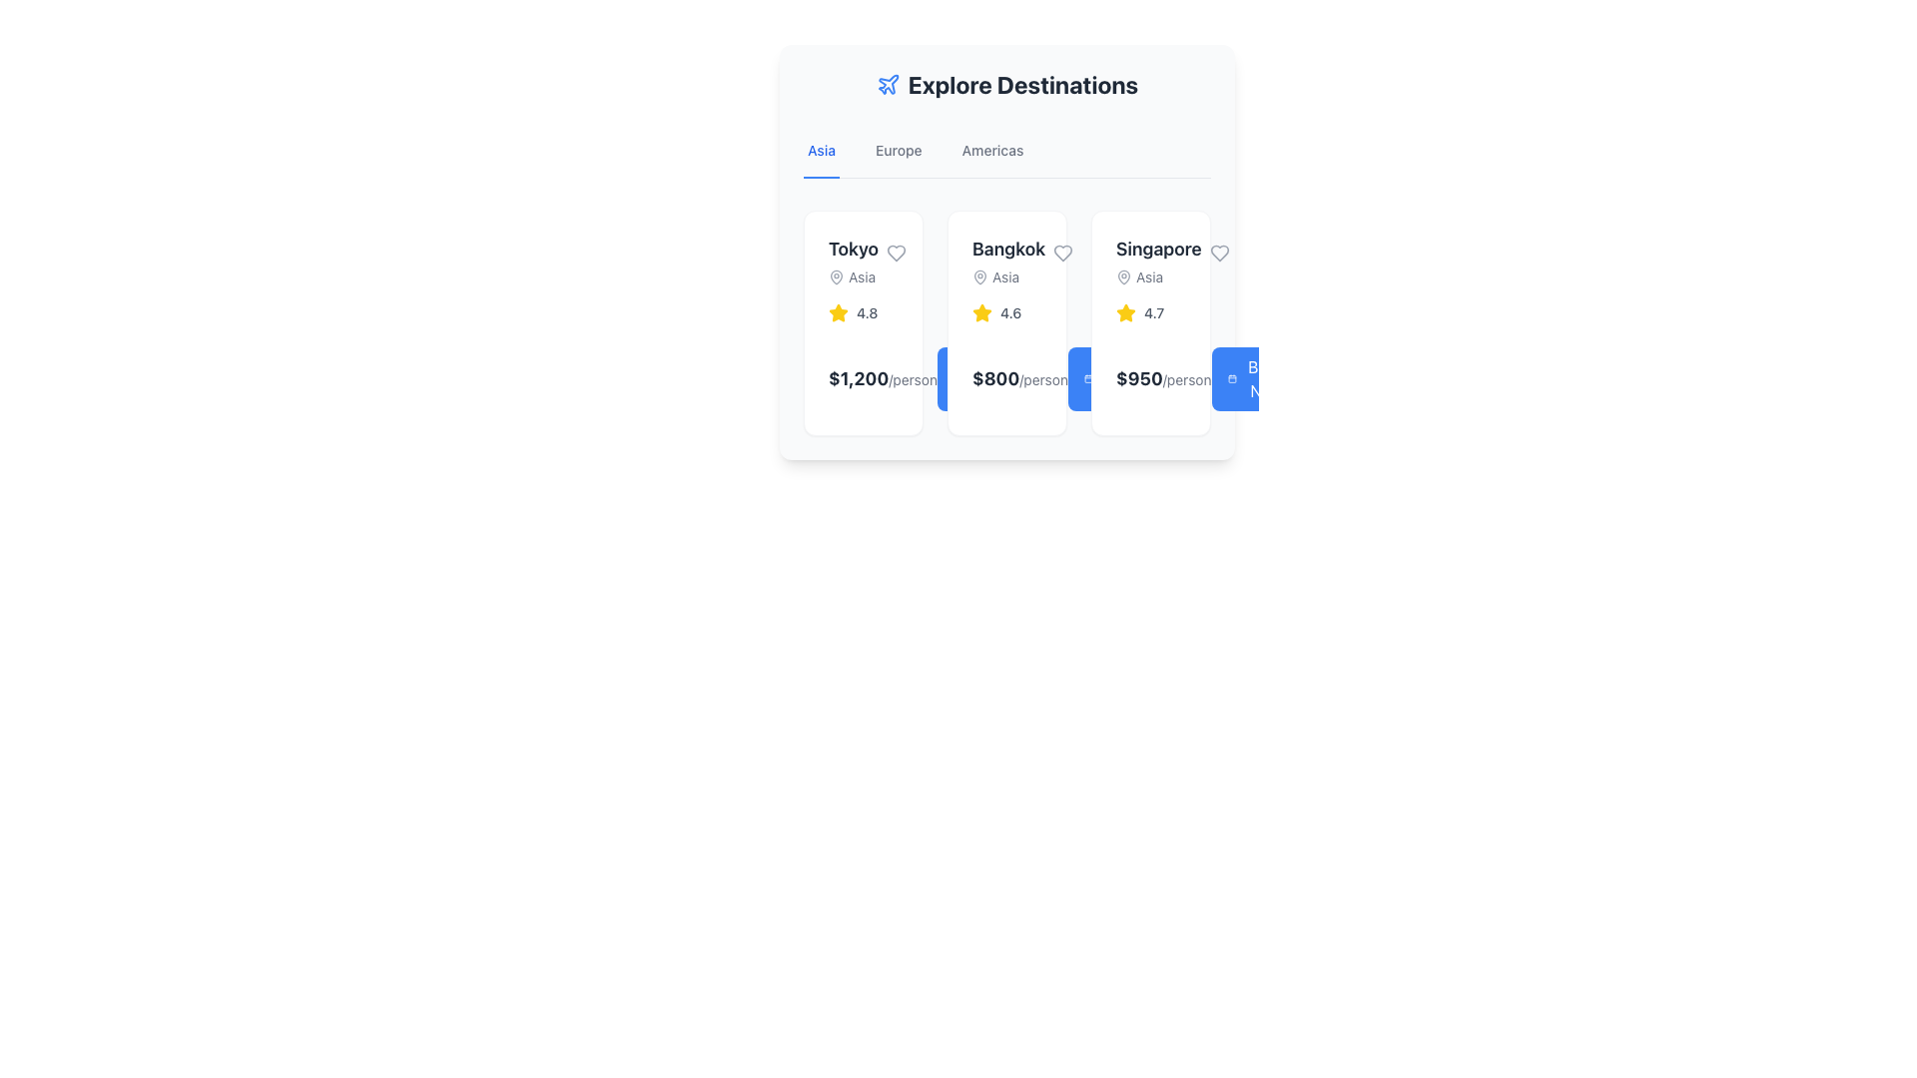  What do you see at coordinates (863, 312) in the screenshot?
I see `rating value displayed as '4.8' in the Rating Indicator, which consists of a yellow star icon and is located in the top section of the 'Tokyo' card, slightly below the title area` at bounding box center [863, 312].